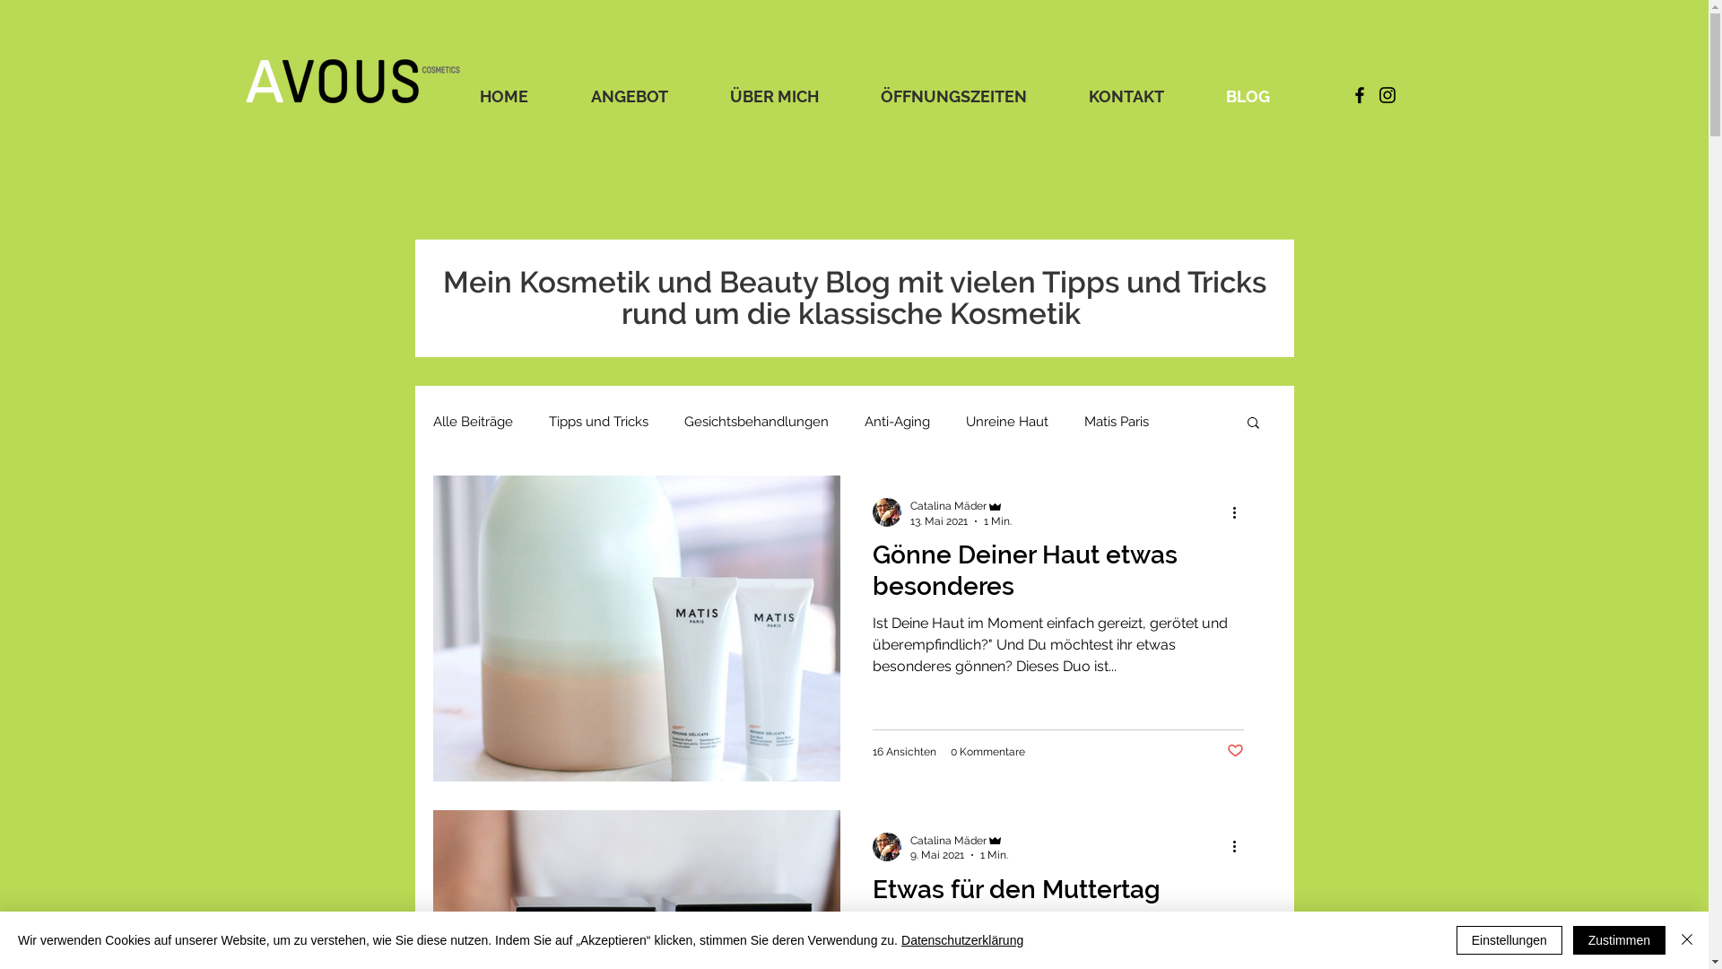  Describe the element at coordinates (465, 96) in the screenshot. I see `'HOME'` at that location.